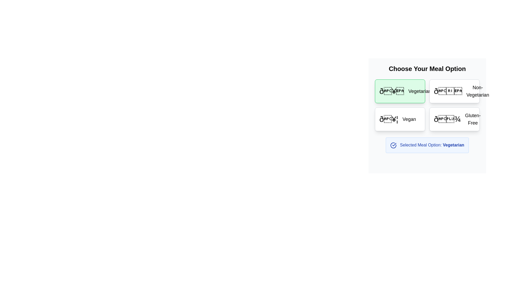  What do you see at coordinates (448, 91) in the screenshot?
I see `label associated with the 'Non-Vegetarian' meal option icon to confirm the meal option` at bounding box center [448, 91].